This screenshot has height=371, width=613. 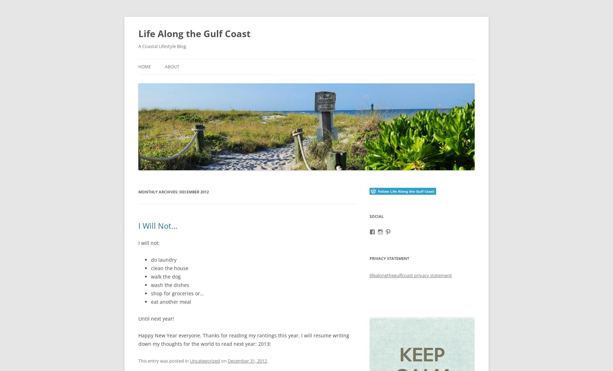 I want to click on 'Uncategorized', so click(x=205, y=360).